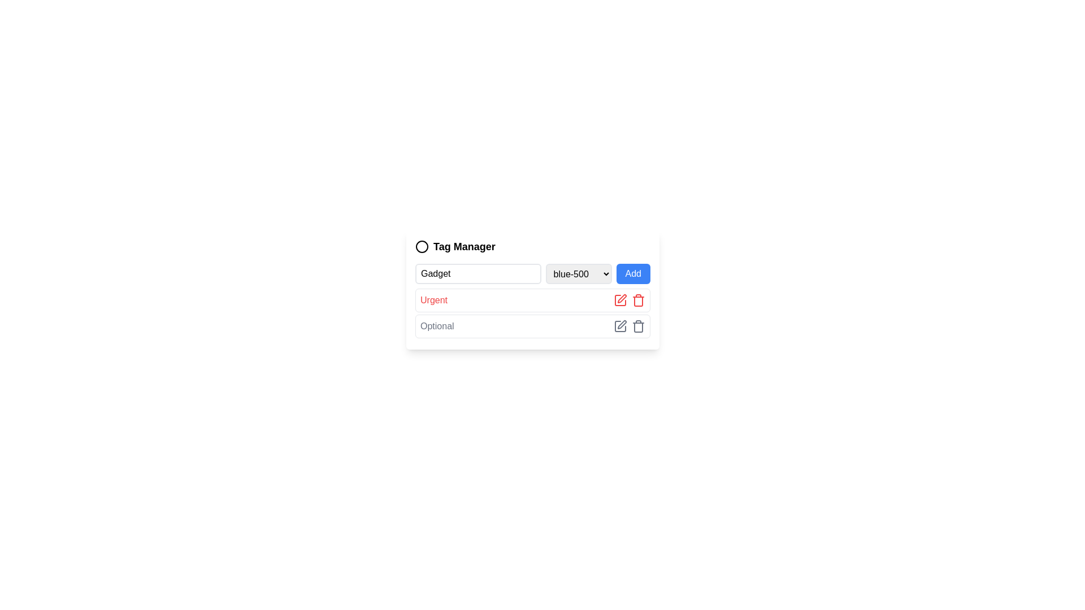  Describe the element at coordinates (532, 274) in the screenshot. I see `an option from the dropdown menu located beneath the 'Tag Manager' header, which is part of a composite UI component including an input field and an 'Add' button` at that location.